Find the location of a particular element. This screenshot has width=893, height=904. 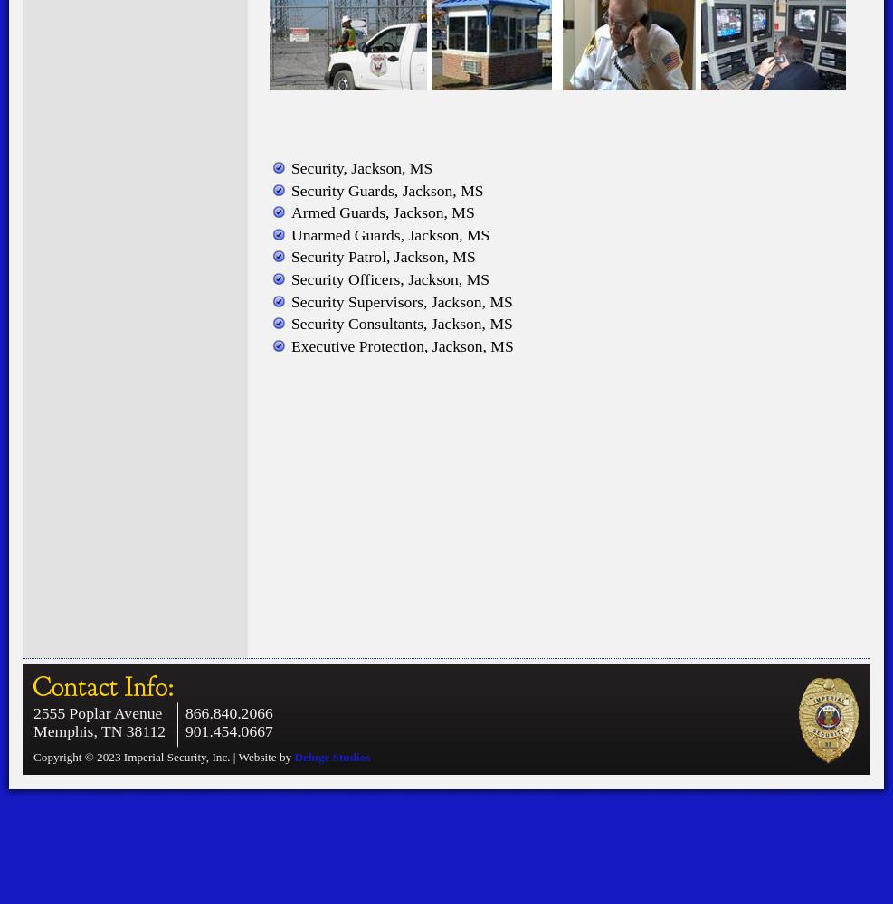

'866.840.2066' is located at coordinates (228, 712).